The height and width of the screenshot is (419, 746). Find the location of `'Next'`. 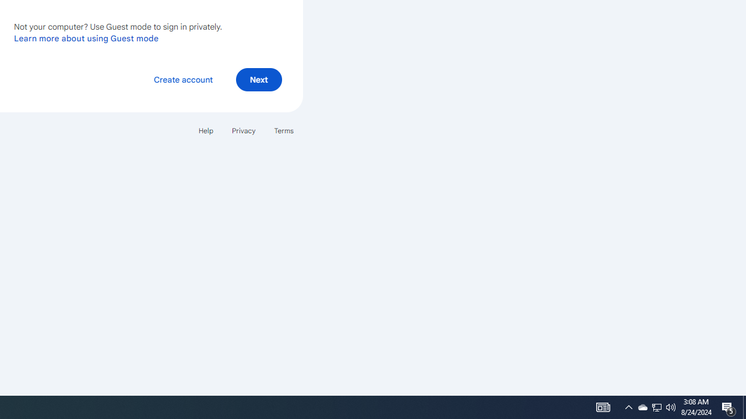

'Next' is located at coordinates (258, 79).